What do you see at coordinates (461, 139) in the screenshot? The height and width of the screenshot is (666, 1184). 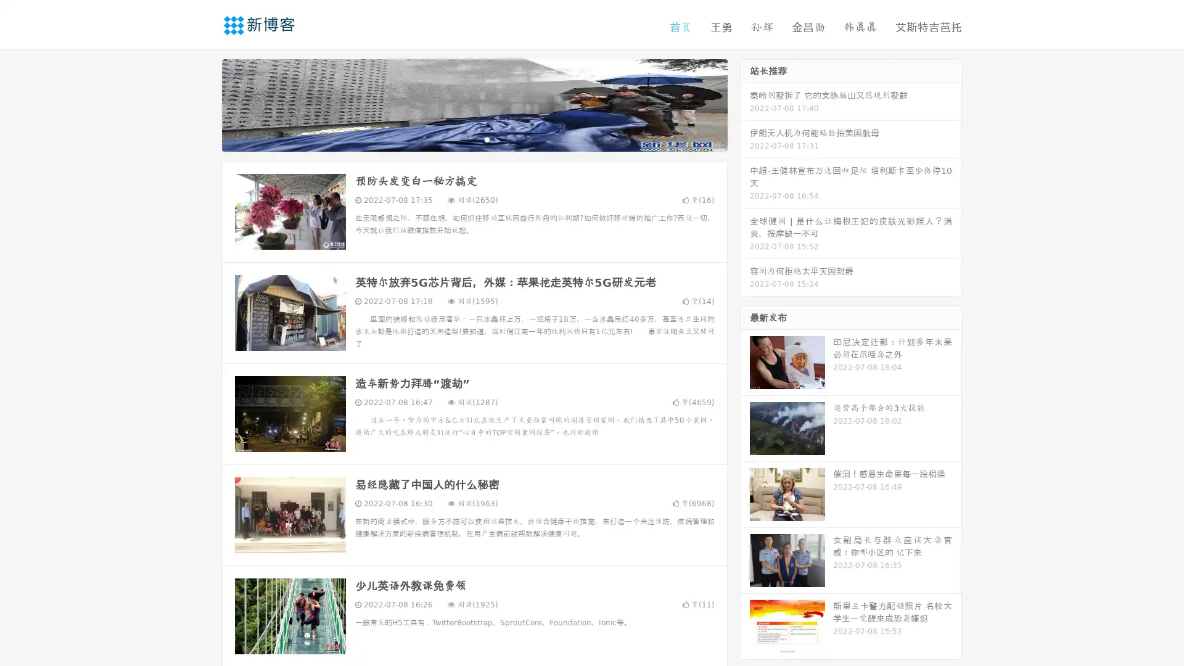 I see `Go to slide 1` at bounding box center [461, 139].